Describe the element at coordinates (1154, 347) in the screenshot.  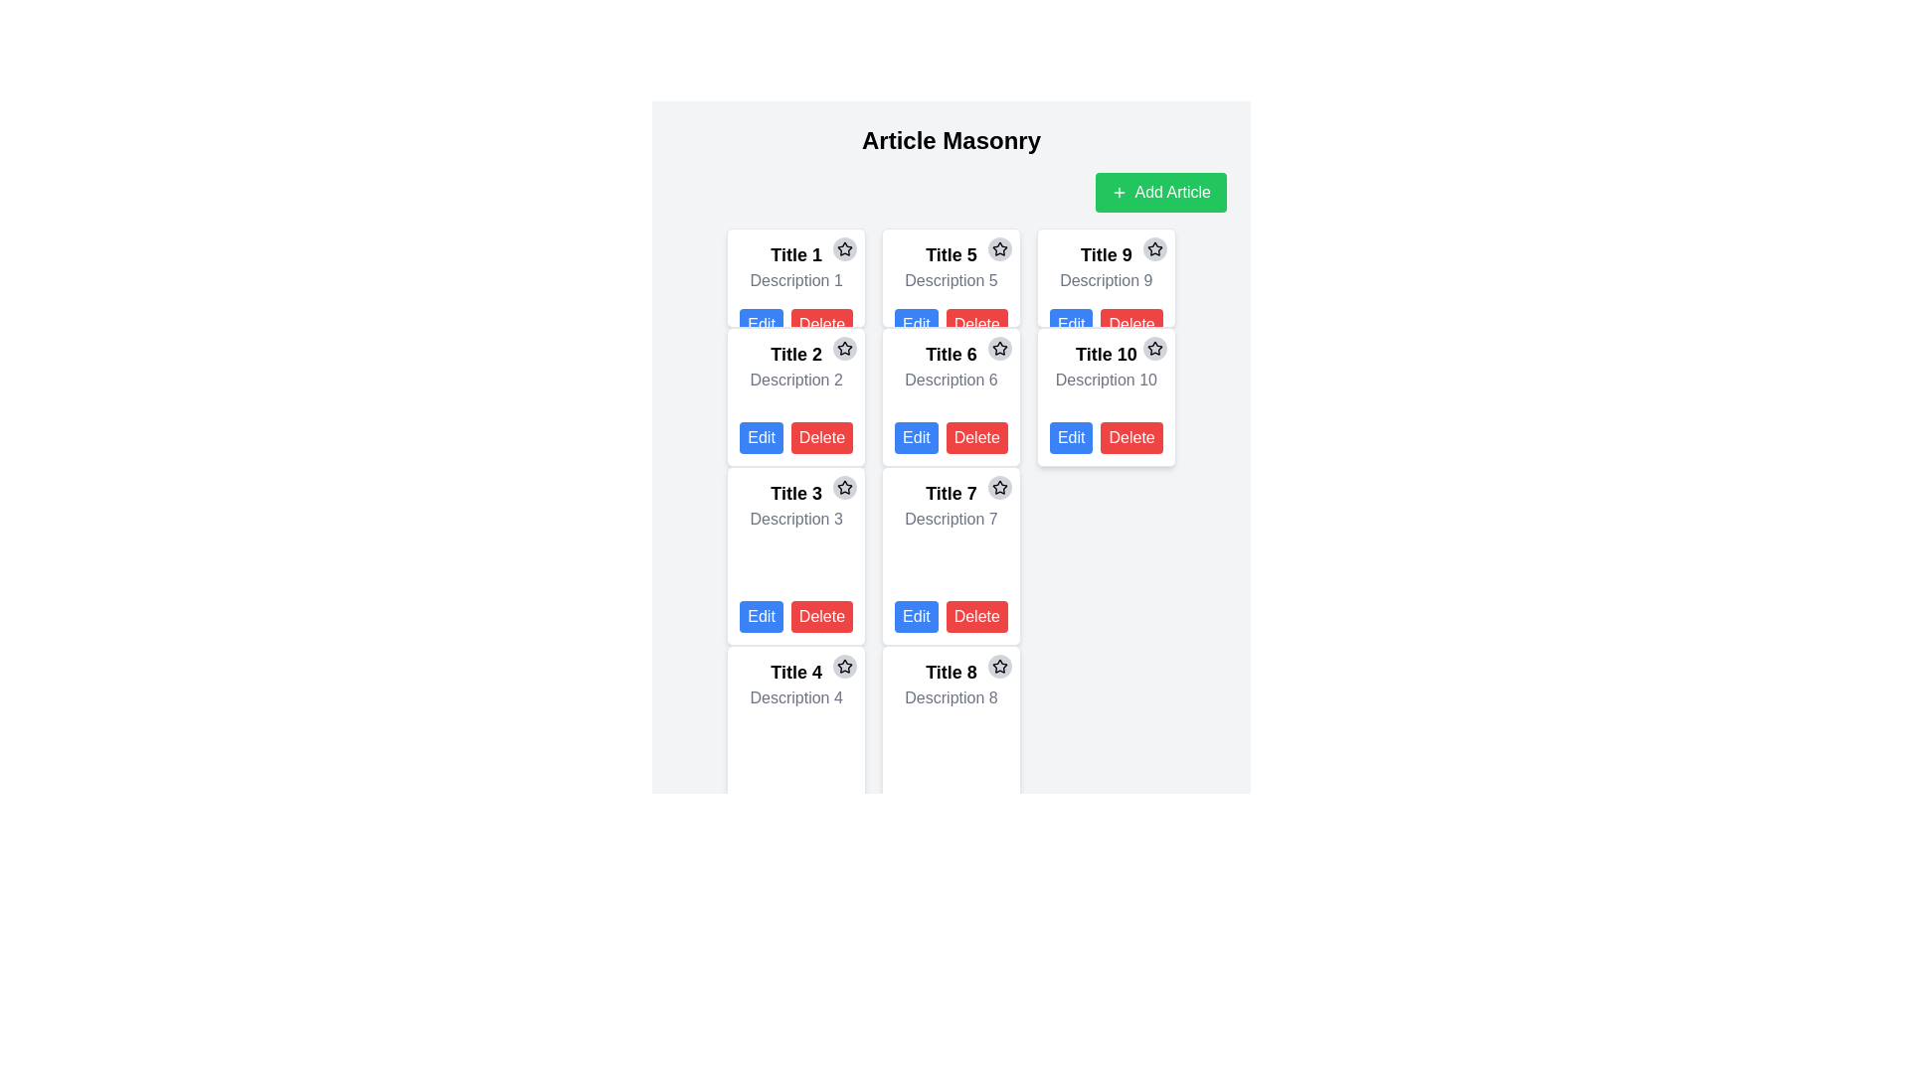
I see `the decorative or actionable icon located on the upper right side of the box labeled 'Title 10 Description 10'` at that location.